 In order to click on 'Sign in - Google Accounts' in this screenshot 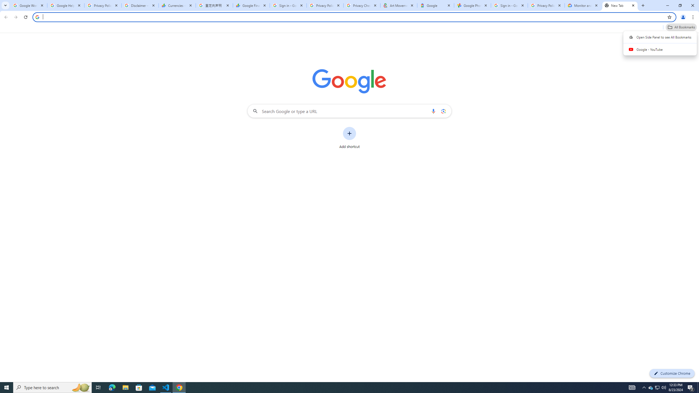, I will do `click(288, 5)`.